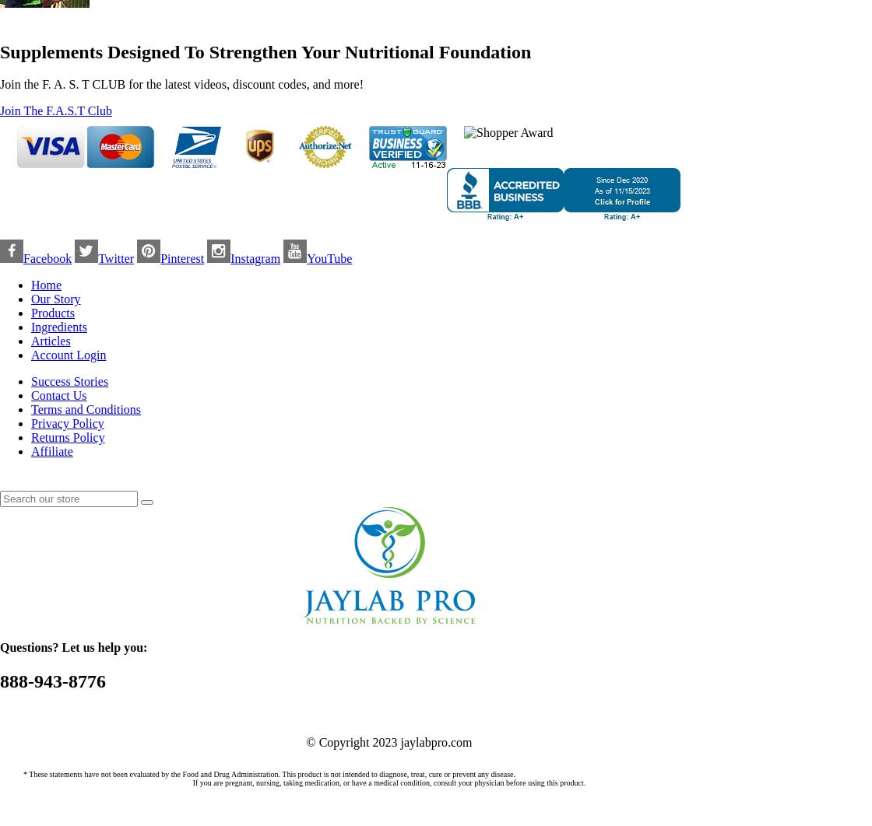 This screenshot has width=872, height=826. What do you see at coordinates (51, 451) in the screenshot?
I see `'Affiliate'` at bounding box center [51, 451].